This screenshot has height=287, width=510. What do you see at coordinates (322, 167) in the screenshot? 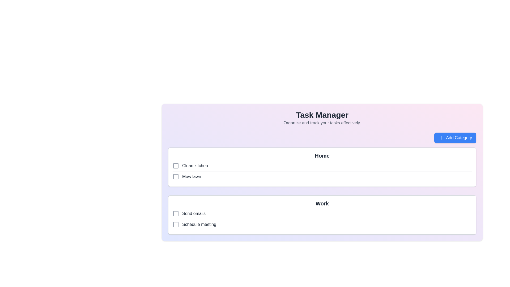
I see `the checkbox area of the 'Clean kitchen' task item` at bounding box center [322, 167].